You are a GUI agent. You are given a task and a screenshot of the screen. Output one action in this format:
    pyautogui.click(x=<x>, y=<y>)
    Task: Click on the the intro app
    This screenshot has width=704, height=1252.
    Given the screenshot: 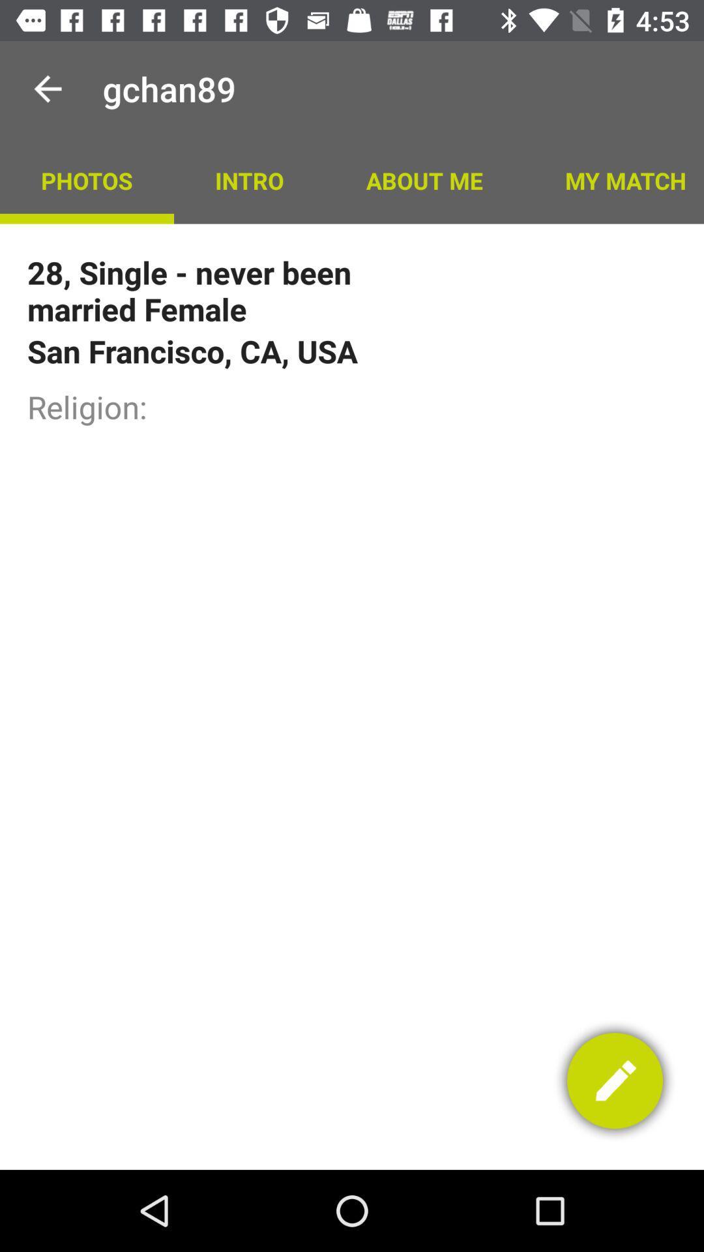 What is the action you would take?
    pyautogui.click(x=249, y=179)
    